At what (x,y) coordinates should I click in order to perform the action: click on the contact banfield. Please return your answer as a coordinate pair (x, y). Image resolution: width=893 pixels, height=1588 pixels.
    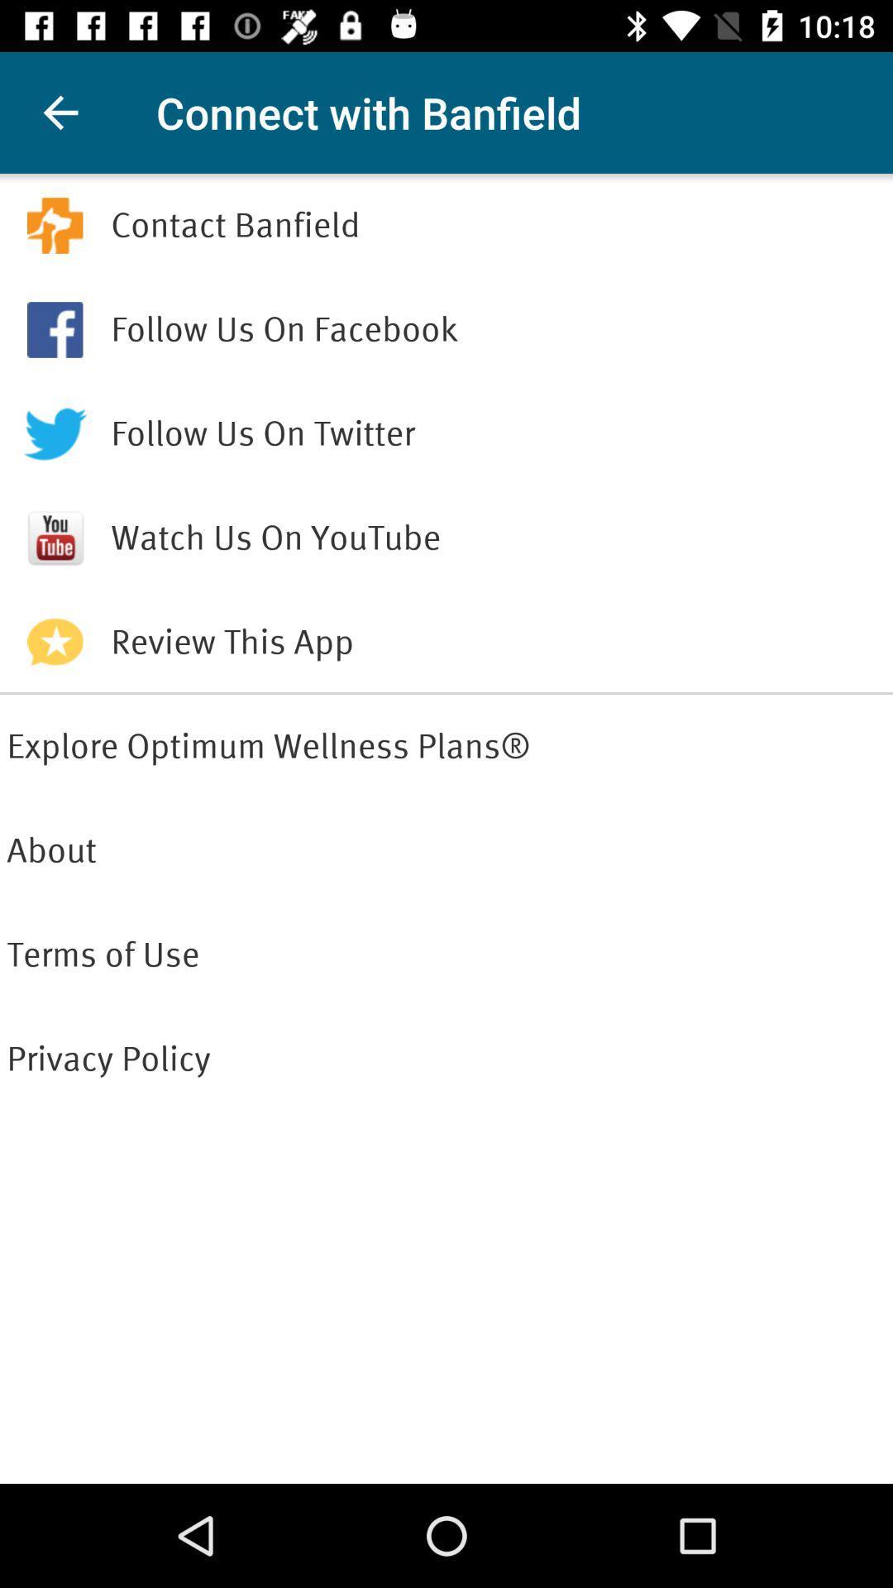
    Looking at the image, I should click on (497, 225).